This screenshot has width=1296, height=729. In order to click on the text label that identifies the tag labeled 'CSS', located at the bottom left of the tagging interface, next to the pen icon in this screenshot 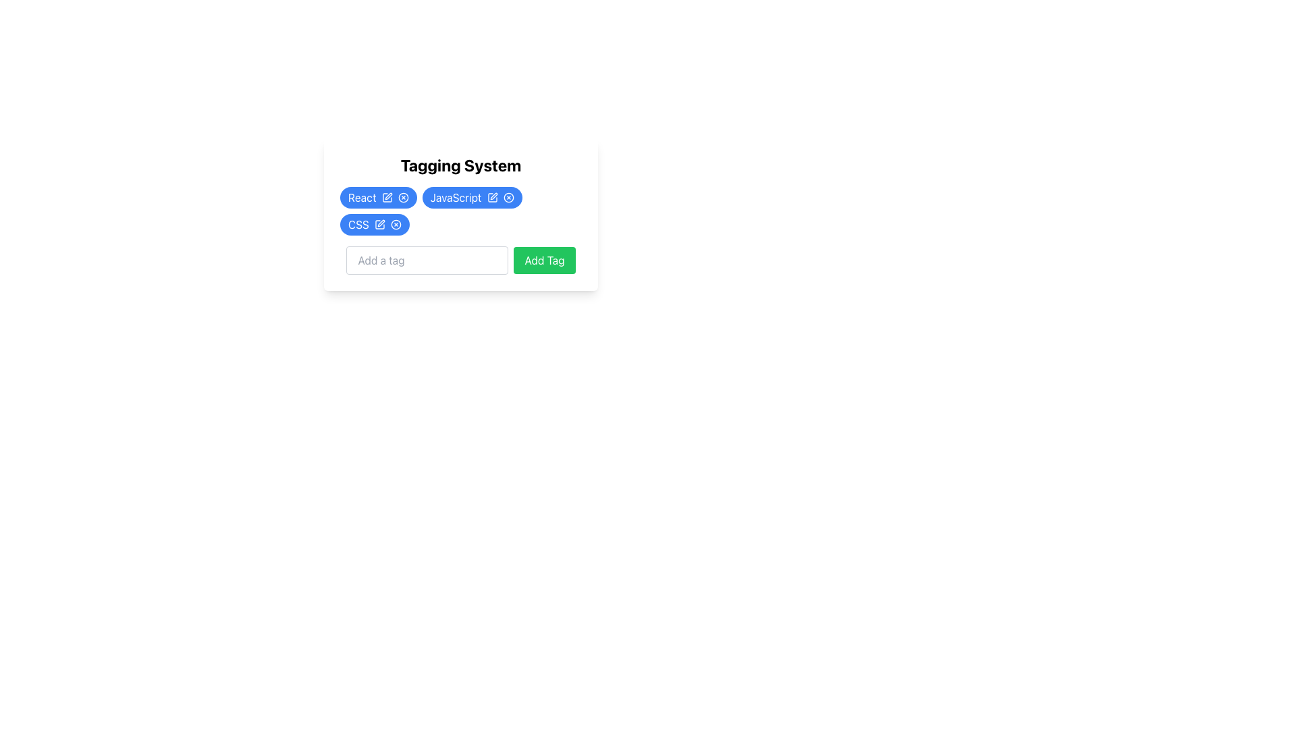, I will do `click(358, 223)`.